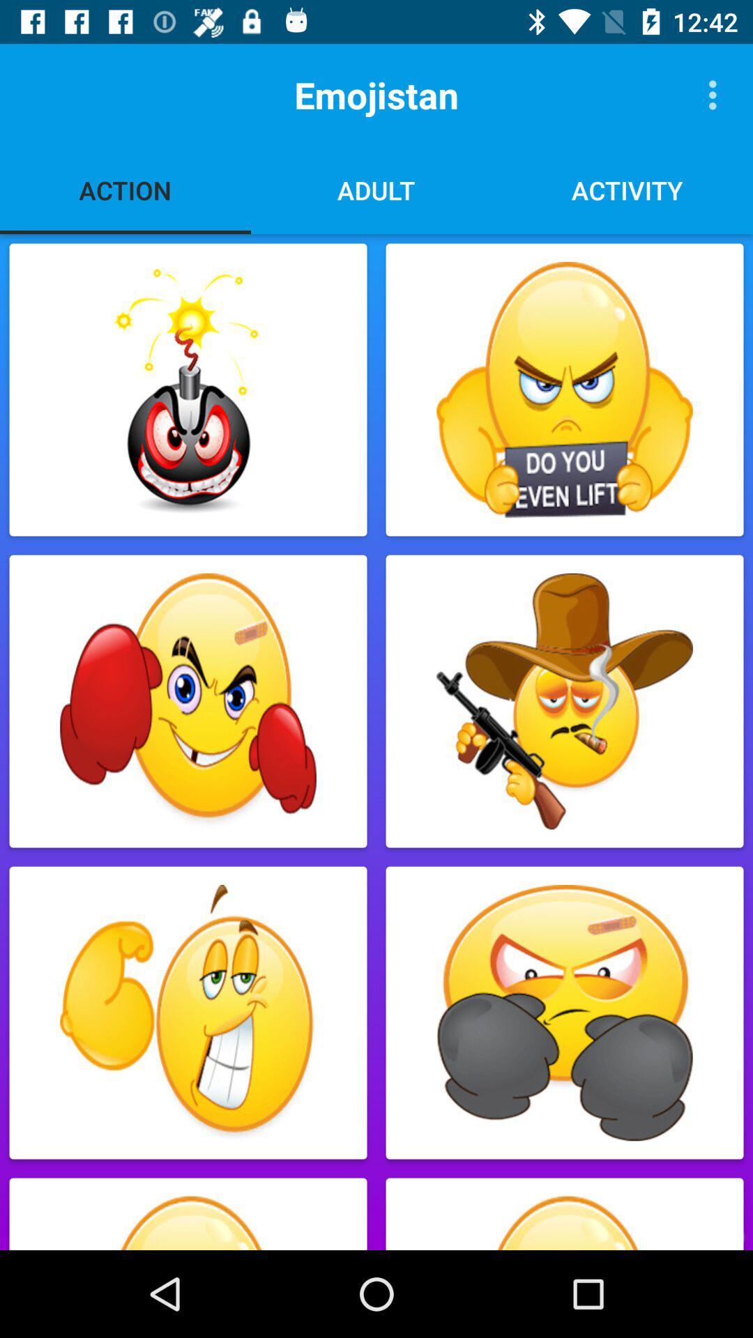  What do you see at coordinates (716, 94) in the screenshot?
I see `the item to the right of the emojistan icon` at bounding box center [716, 94].